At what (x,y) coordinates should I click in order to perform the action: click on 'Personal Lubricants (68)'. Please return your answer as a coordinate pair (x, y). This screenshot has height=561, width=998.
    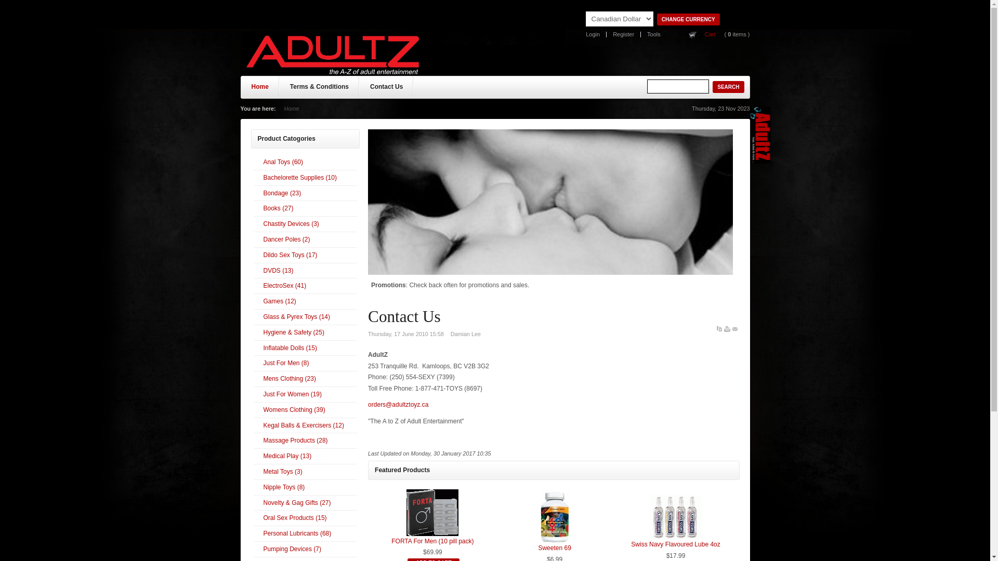
    Looking at the image, I should click on (304, 534).